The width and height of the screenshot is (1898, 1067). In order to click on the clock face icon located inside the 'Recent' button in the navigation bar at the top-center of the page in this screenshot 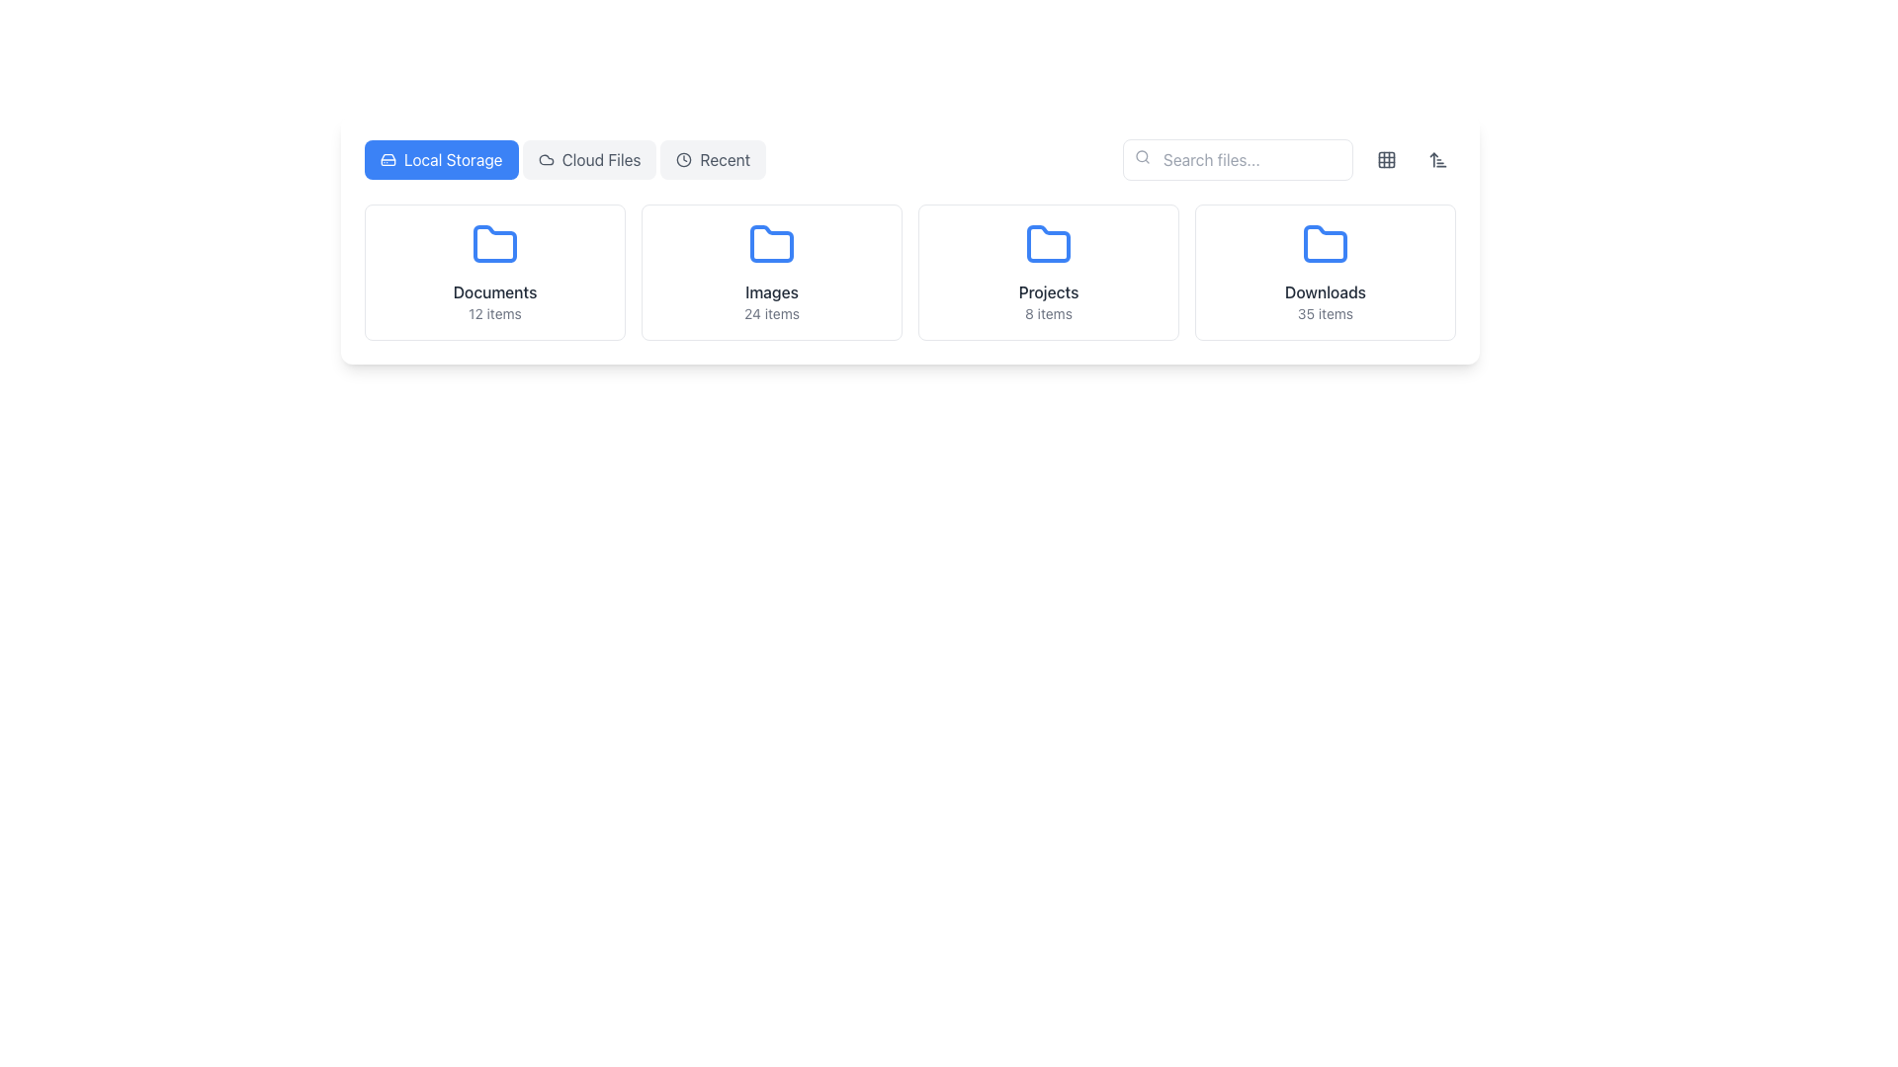, I will do `click(684, 159)`.